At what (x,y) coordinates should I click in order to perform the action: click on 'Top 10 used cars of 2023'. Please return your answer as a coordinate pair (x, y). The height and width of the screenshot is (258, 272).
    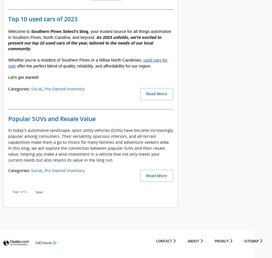
    Looking at the image, I should click on (42, 19).